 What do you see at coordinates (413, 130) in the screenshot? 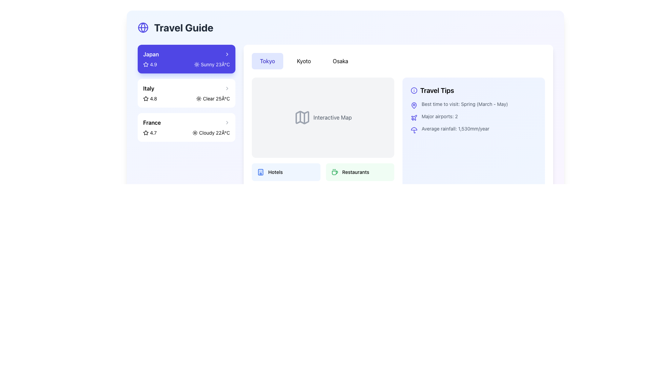
I see `the umbrella icon located to the left of the 'Average rainfall: 1,530mm/year' entry in the 'Travel Tips' section` at bounding box center [413, 130].